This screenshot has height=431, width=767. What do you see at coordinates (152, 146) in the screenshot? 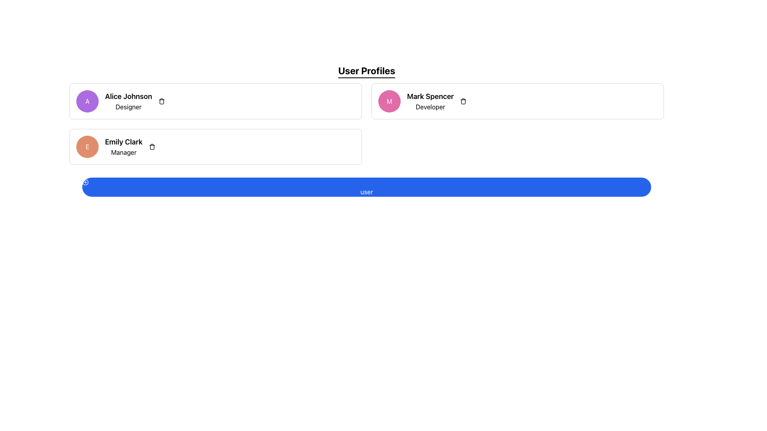
I see `the trash can icon adjacent to 'Emily Clark, Manager'` at bounding box center [152, 146].